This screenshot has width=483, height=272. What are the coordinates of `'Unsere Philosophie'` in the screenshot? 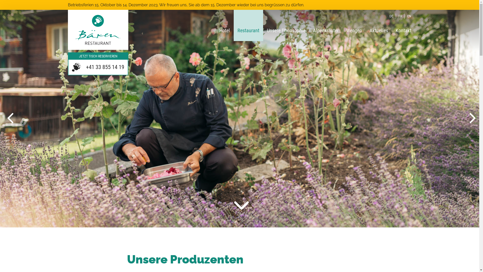 It's located at (286, 25).